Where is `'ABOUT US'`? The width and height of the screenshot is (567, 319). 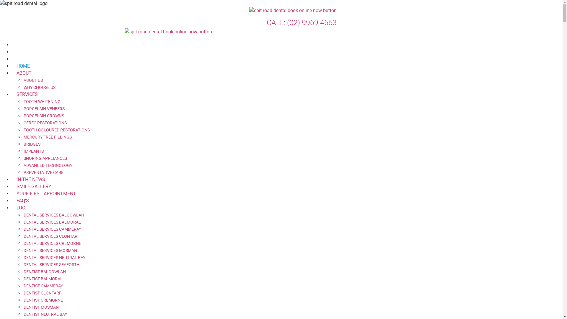
'ABOUT US' is located at coordinates (33, 80).